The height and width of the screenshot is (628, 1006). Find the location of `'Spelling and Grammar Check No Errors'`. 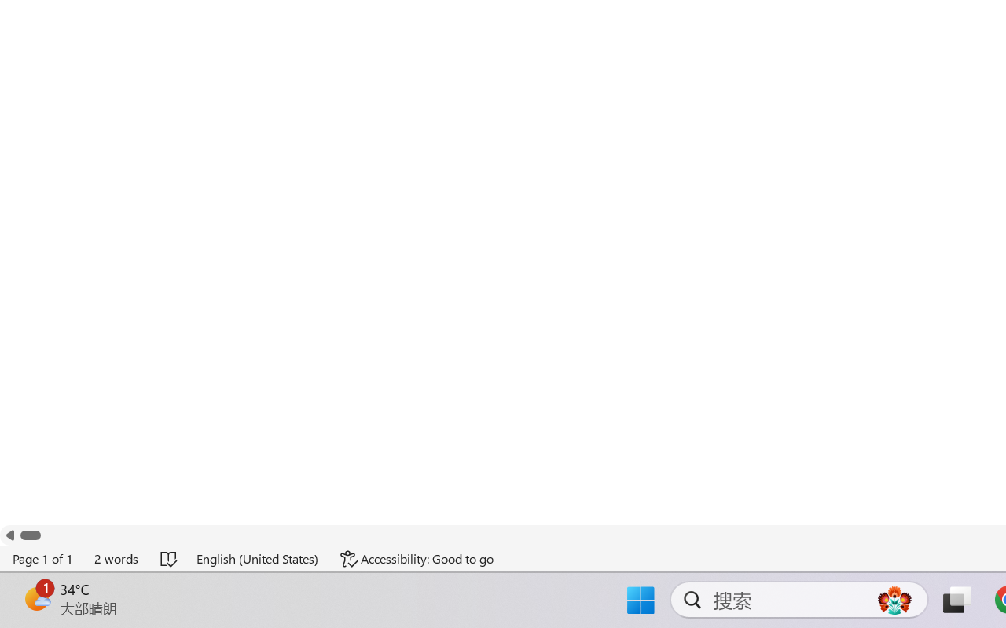

'Spelling and Grammar Check No Errors' is located at coordinates (170, 558).